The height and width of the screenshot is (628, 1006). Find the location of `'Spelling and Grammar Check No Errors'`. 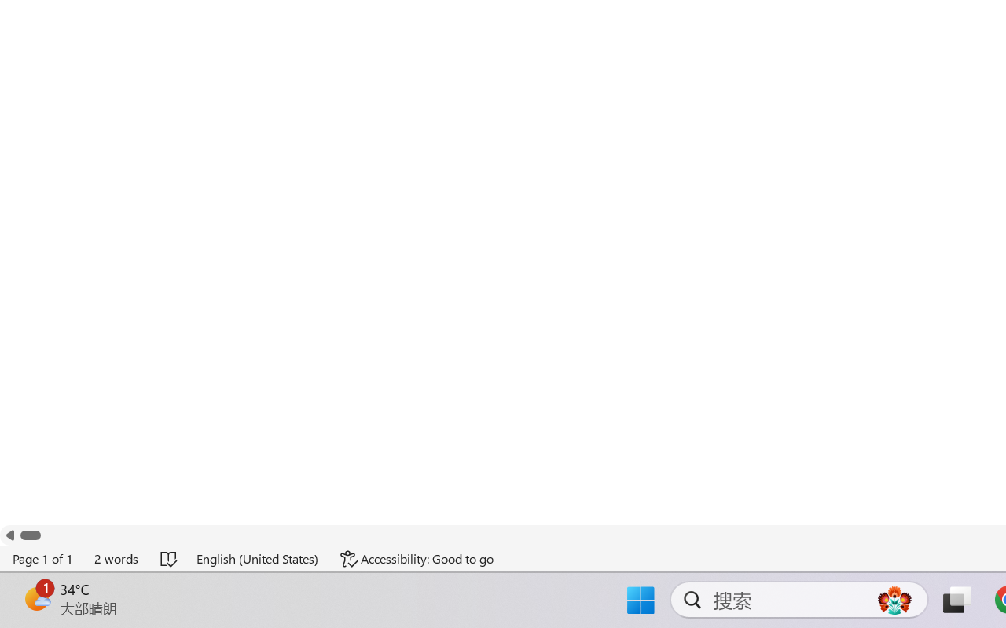

'Spelling and Grammar Check No Errors' is located at coordinates (170, 558).